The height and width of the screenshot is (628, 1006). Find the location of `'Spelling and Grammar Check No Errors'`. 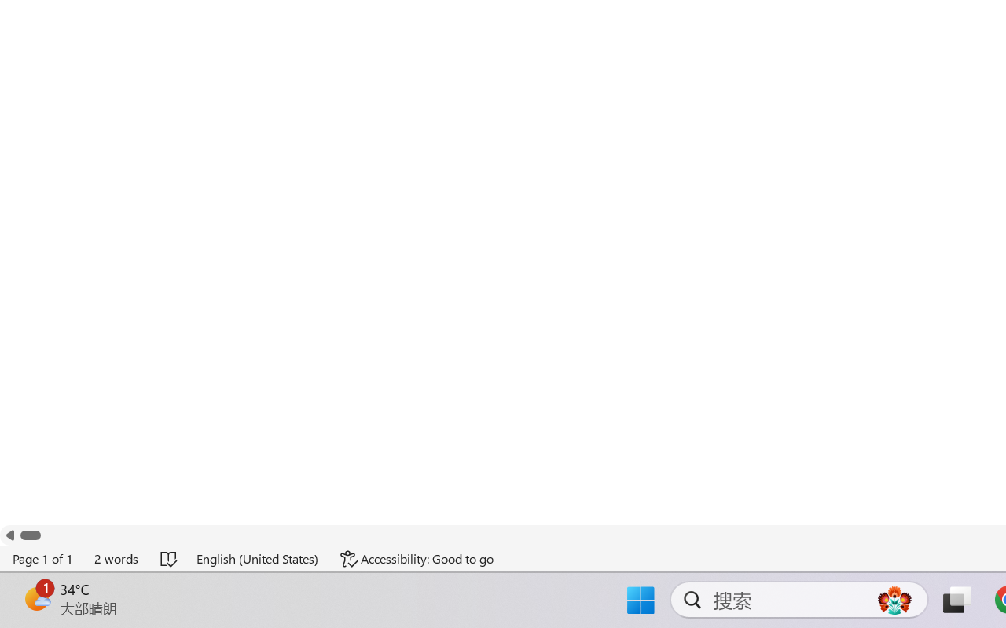

'Spelling and Grammar Check No Errors' is located at coordinates (170, 558).